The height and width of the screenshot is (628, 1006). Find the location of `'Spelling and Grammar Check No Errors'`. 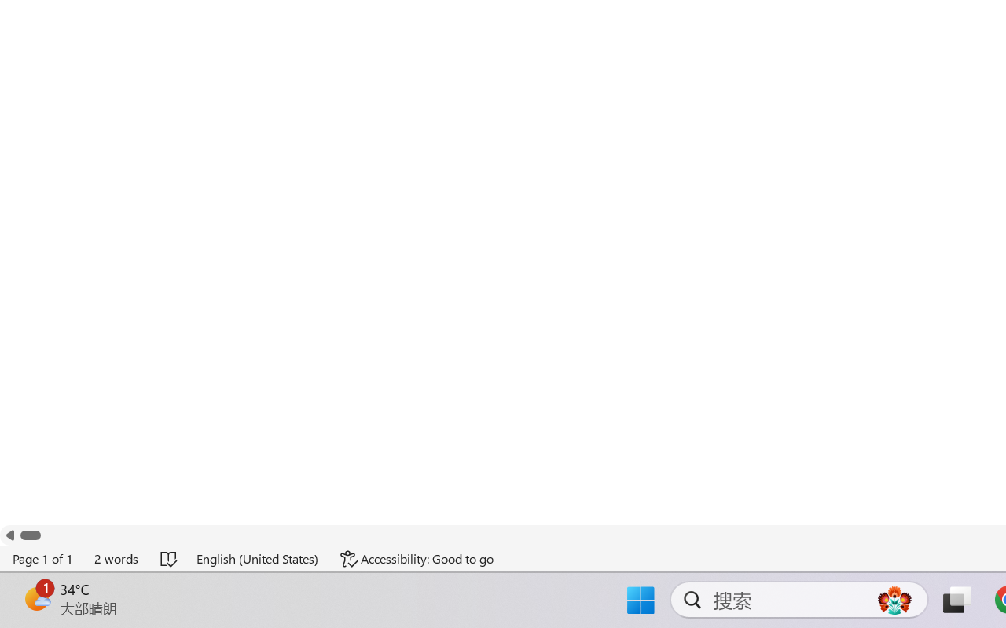

'Spelling and Grammar Check No Errors' is located at coordinates (170, 558).